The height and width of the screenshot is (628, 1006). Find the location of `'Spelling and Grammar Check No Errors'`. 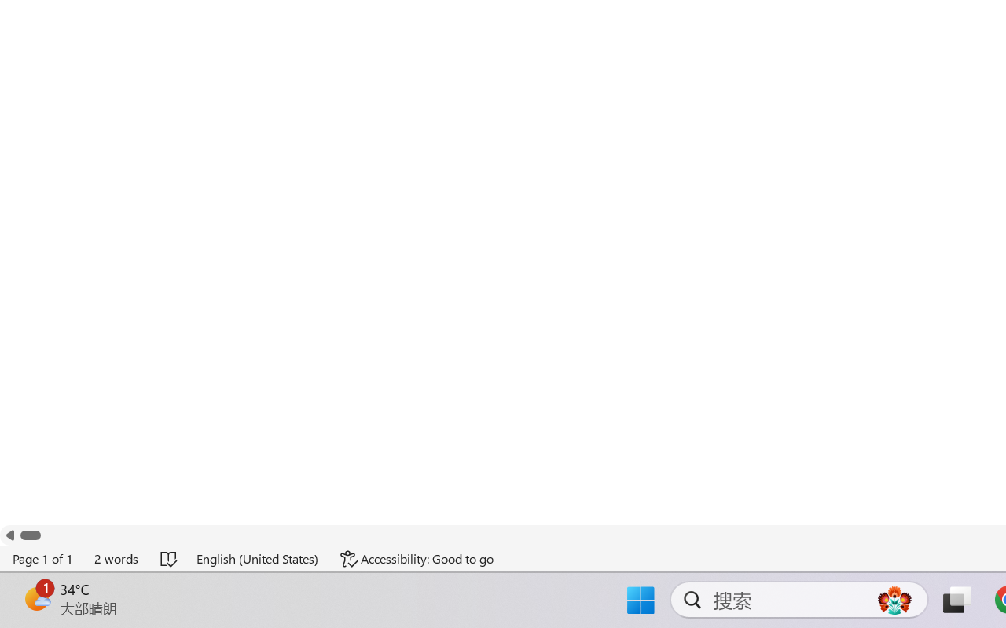

'Spelling and Grammar Check No Errors' is located at coordinates (170, 558).